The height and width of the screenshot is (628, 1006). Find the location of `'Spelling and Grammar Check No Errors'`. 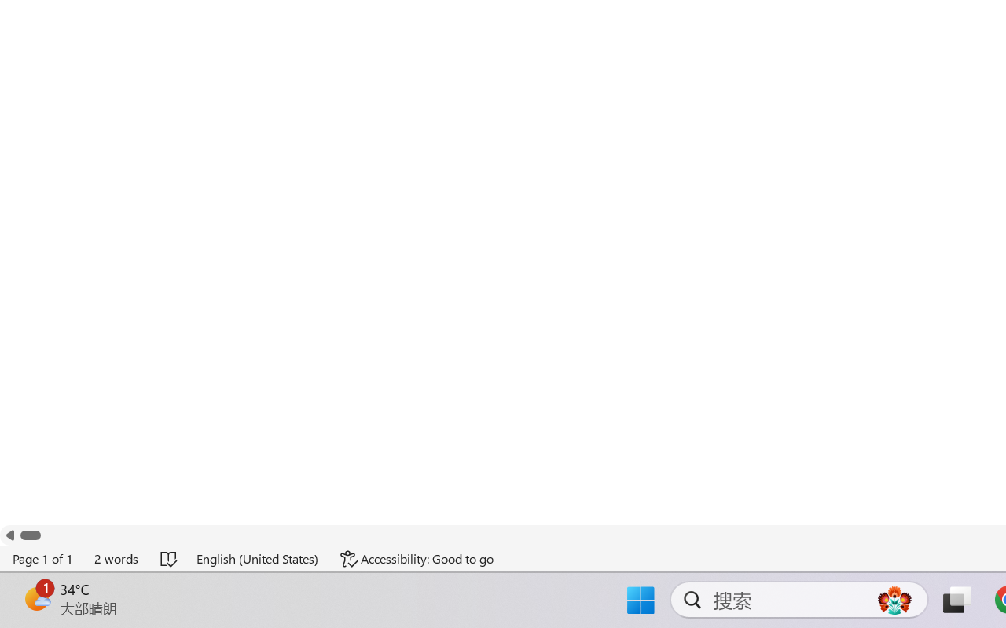

'Spelling and Grammar Check No Errors' is located at coordinates (170, 558).